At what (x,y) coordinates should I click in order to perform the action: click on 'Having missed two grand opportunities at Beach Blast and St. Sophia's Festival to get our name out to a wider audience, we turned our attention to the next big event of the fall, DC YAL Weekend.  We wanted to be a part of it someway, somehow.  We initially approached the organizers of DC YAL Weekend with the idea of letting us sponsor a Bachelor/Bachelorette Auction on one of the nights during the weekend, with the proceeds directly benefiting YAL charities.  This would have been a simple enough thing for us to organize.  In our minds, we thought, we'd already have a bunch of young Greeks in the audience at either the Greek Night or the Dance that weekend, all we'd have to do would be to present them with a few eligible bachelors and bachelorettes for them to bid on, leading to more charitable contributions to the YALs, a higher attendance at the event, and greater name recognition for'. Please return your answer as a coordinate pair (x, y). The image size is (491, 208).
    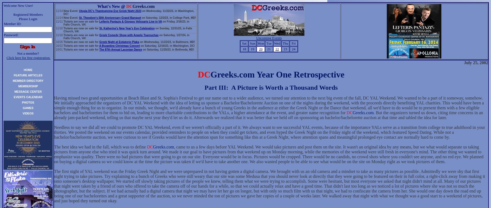
    Looking at the image, I should click on (268, 105).